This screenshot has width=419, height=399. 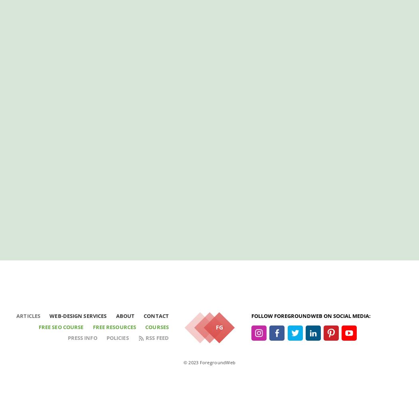 I want to click on 'About', so click(x=125, y=316).